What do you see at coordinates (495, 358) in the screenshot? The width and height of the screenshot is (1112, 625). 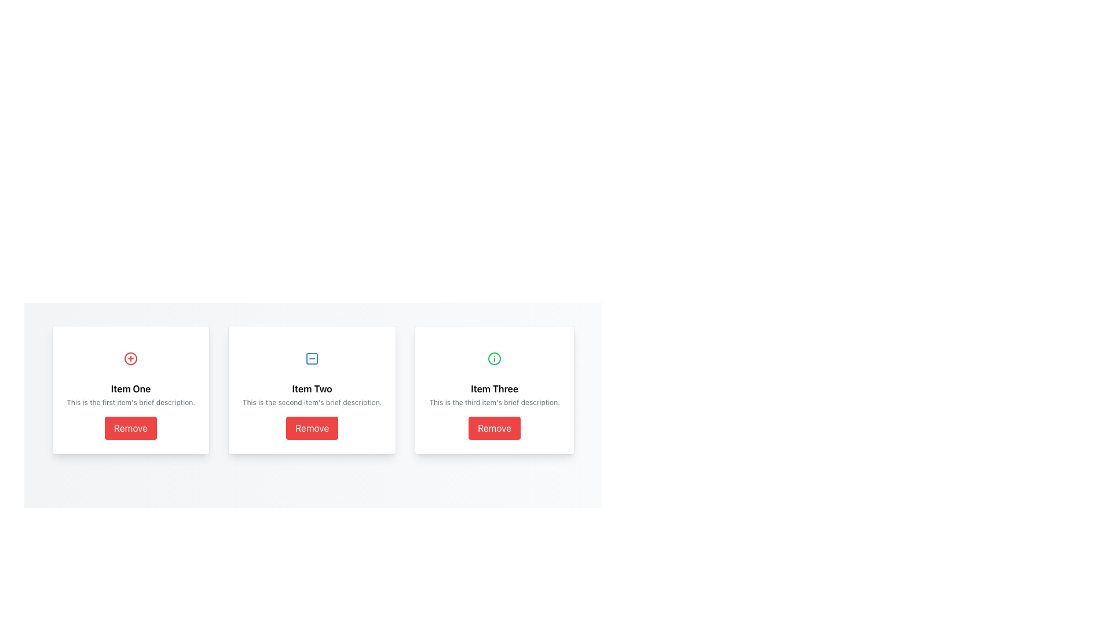 I see `the circular icon with a green border and central green dot located at the top-center of the card labeled 'Item Three'` at bounding box center [495, 358].